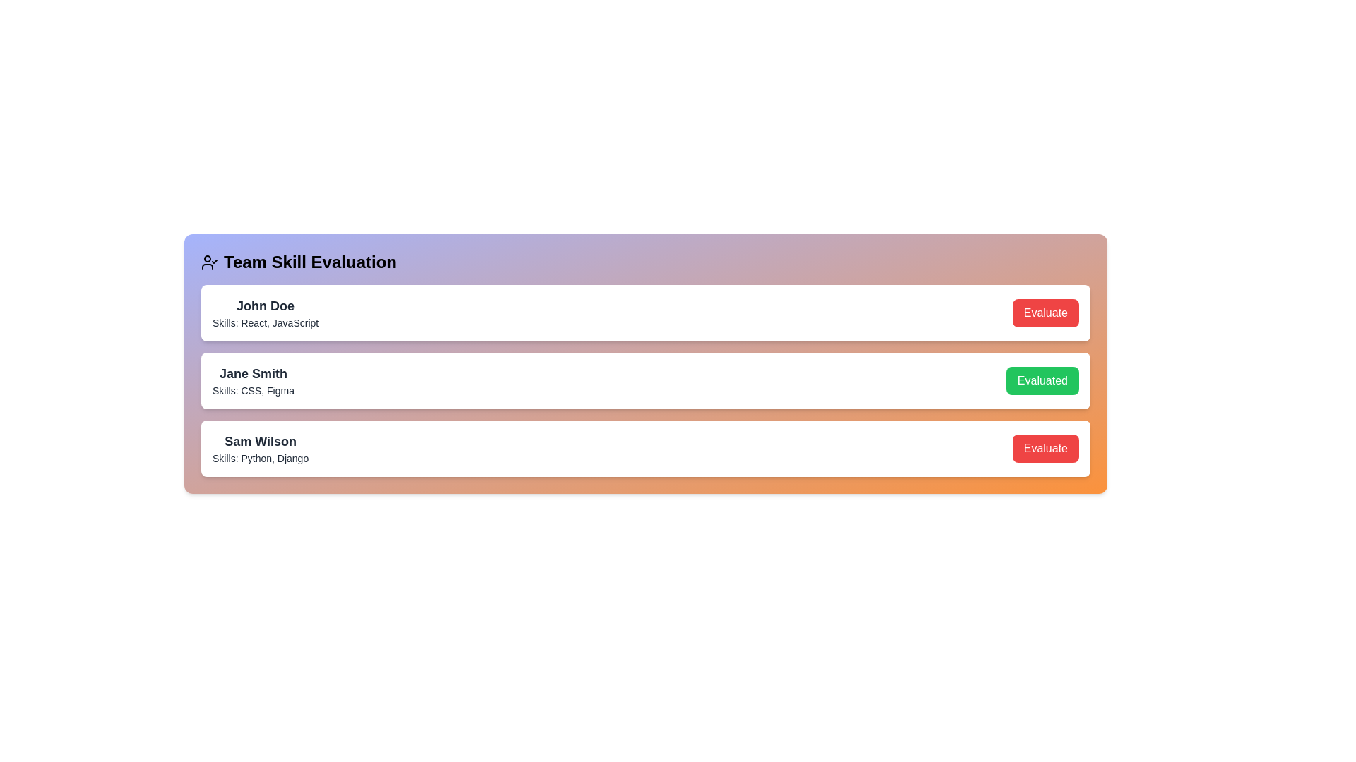 The image size is (1356, 762). Describe the element at coordinates (1045, 449) in the screenshot. I see `the 'Evaluate' button, which has a red background and white text, located in the bottom-right corner of the 'Sam Wilson' row in the 'Team Skill Evaluation' list` at that location.